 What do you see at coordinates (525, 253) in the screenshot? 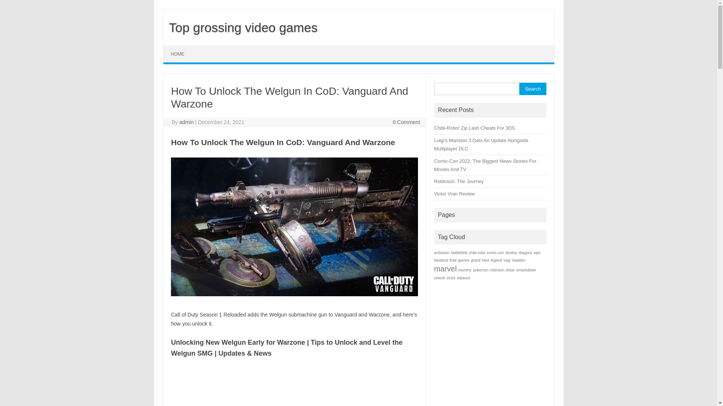
I see `'dragons'` at bounding box center [525, 253].